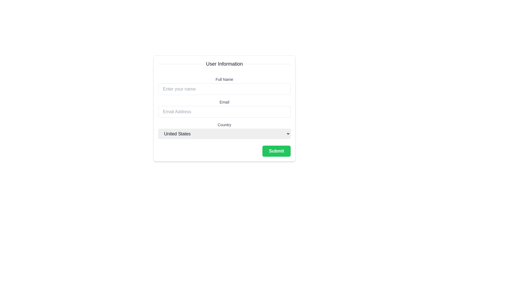 This screenshot has width=532, height=299. Describe the element at coordinates (224, 125) in the screenshot. I see `the country selection label` at that location.